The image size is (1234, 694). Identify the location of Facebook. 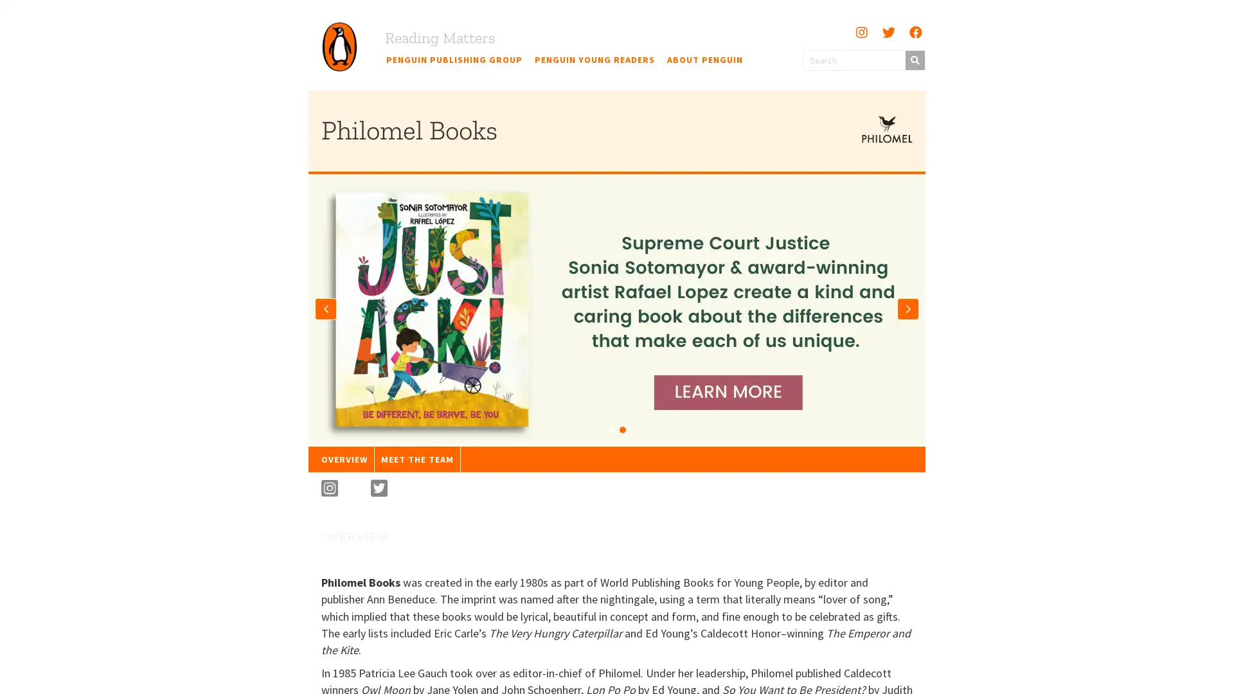
(915, 31).